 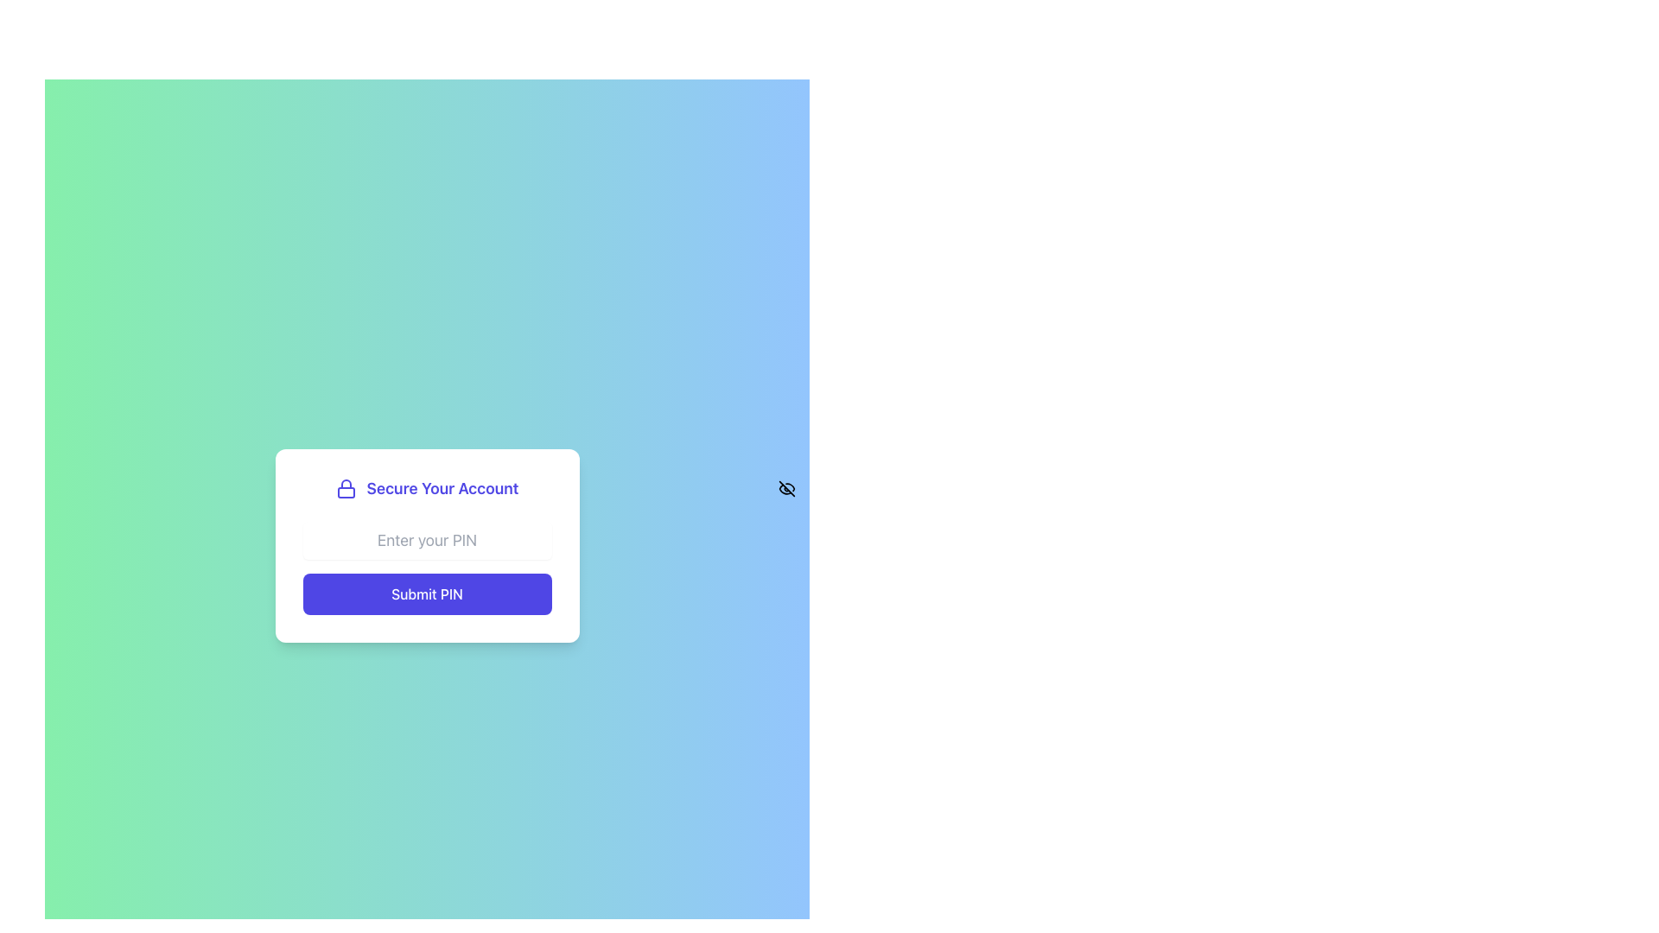 What do you see at coordinates (346, 489) in the screenshot?
I see `the indigo-blue lock icon located to the left of the text 'Secure Your Account' in the header section of the card interface` at bounding box center [346, 489].